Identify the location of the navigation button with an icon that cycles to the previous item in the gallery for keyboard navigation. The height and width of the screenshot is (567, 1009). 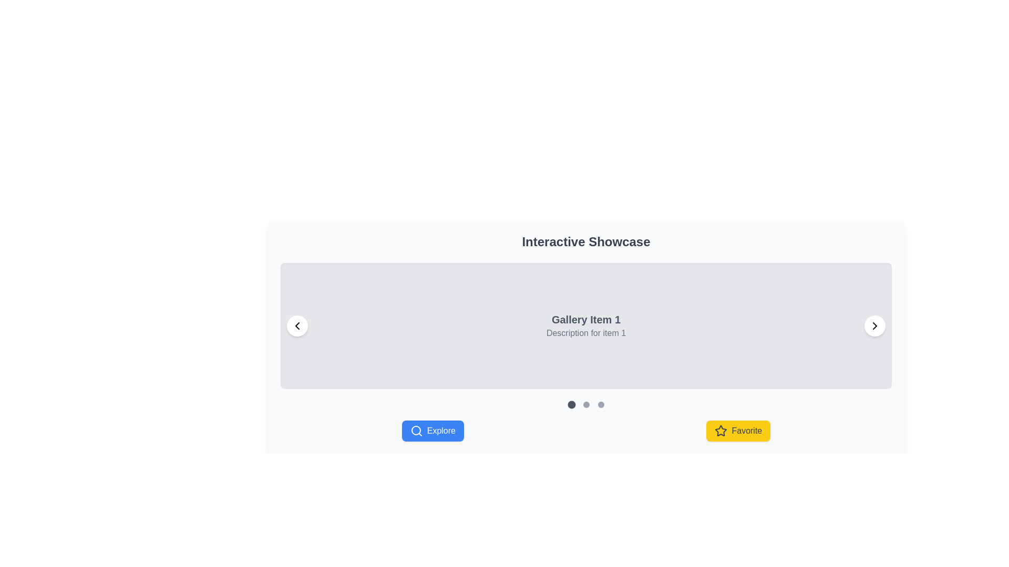
(297, 325).